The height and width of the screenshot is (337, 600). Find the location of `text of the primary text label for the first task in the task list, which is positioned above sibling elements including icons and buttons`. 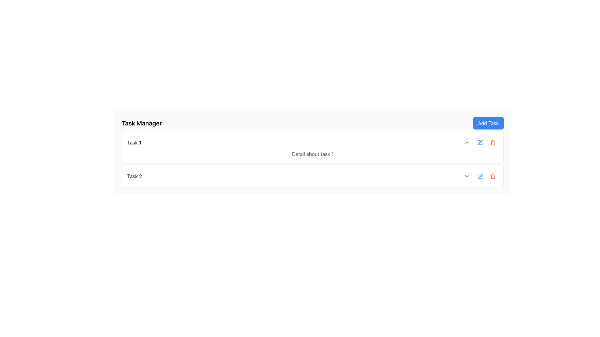

text of the primary text label for the first task in the task list, which is positioned above sibling elements including icons and buttons is located at coordinates (134, 142).